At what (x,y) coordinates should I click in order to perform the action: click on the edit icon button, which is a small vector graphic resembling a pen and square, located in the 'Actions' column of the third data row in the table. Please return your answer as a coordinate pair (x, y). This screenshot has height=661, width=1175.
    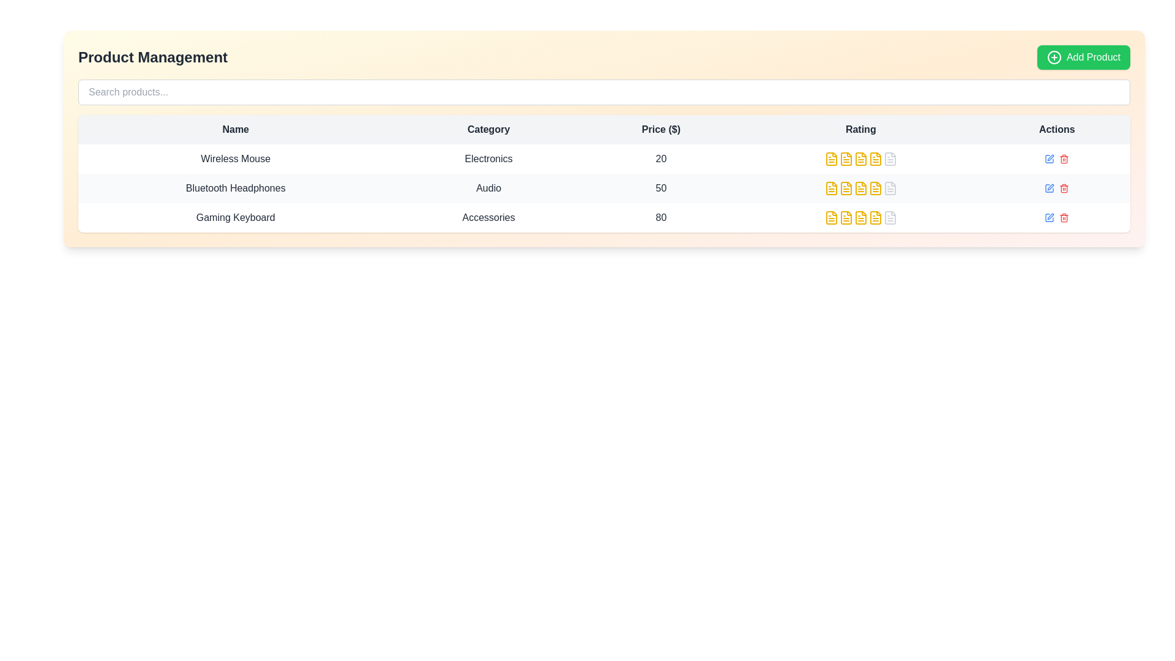
    Looking at the image, I should click on (1050, 187).